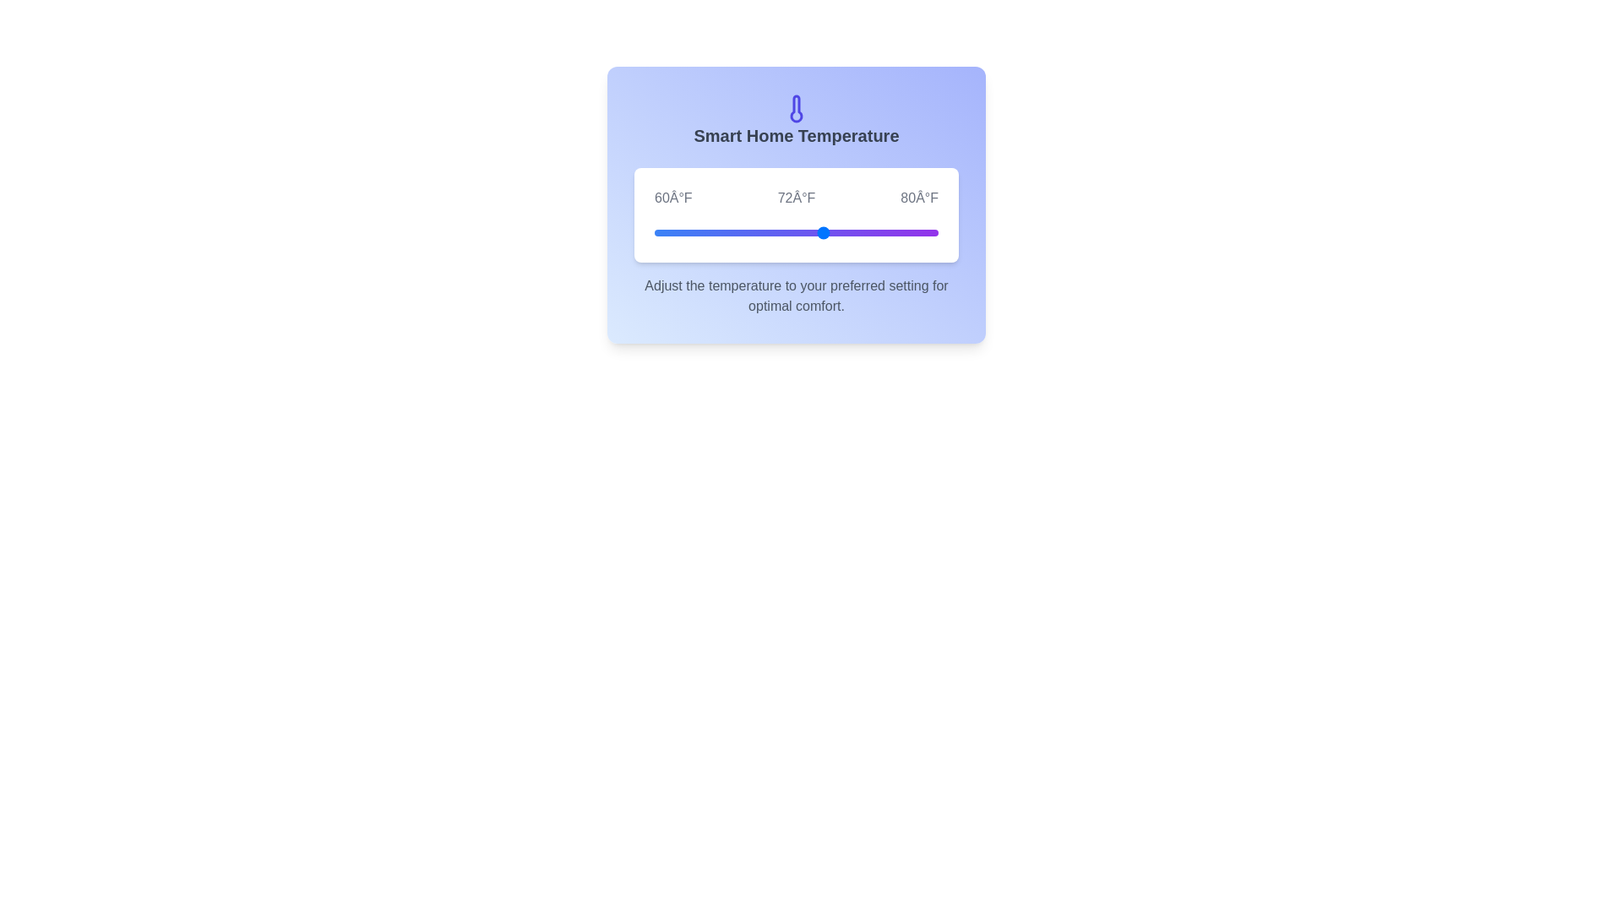 The image size is (1622, 912). Describe the element at coordinates (853, 233) in the screenshot. I see `the temperature slider to 74°F` at that location.